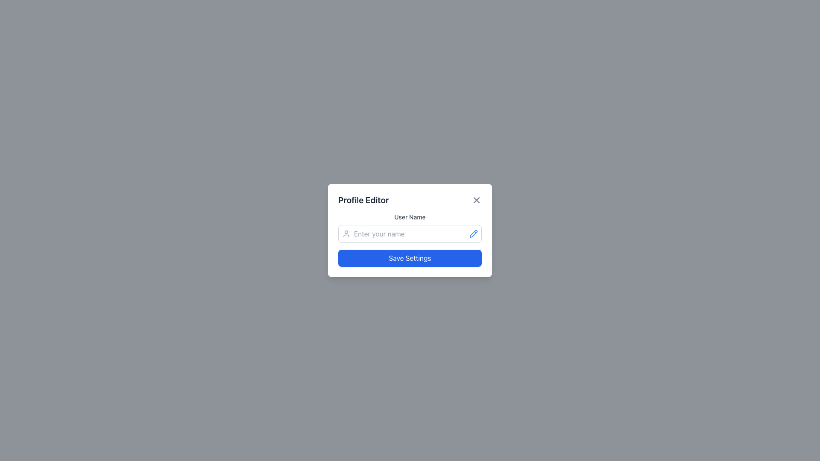 This screenshot has width=820, height=461. What do you see at coordinates (410, 230) in the screenshot?
I see `within the profile editor input field of the modal dialog box to type a name` at bounding box center [410, 230].